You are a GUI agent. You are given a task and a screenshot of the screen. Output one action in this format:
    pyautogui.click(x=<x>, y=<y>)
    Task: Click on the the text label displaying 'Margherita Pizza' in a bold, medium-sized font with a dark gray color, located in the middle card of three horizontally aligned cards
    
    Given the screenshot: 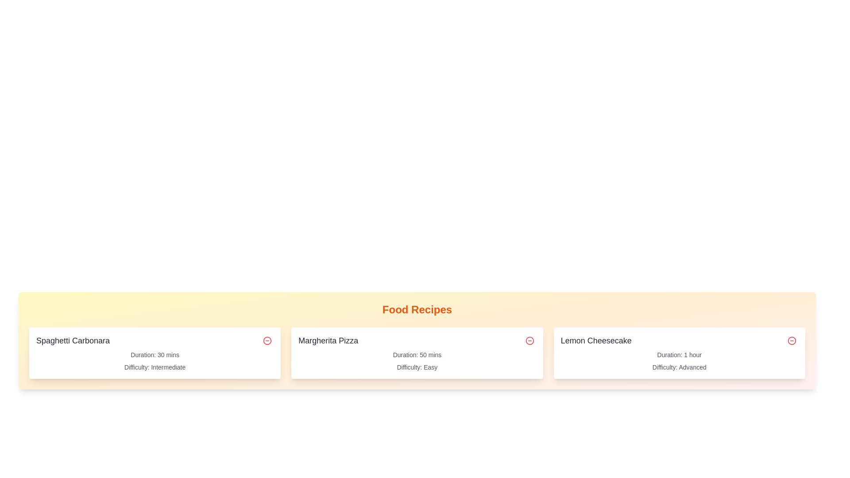 What is the action you would take?
    pyautogui.click(x=328, y=340)
    